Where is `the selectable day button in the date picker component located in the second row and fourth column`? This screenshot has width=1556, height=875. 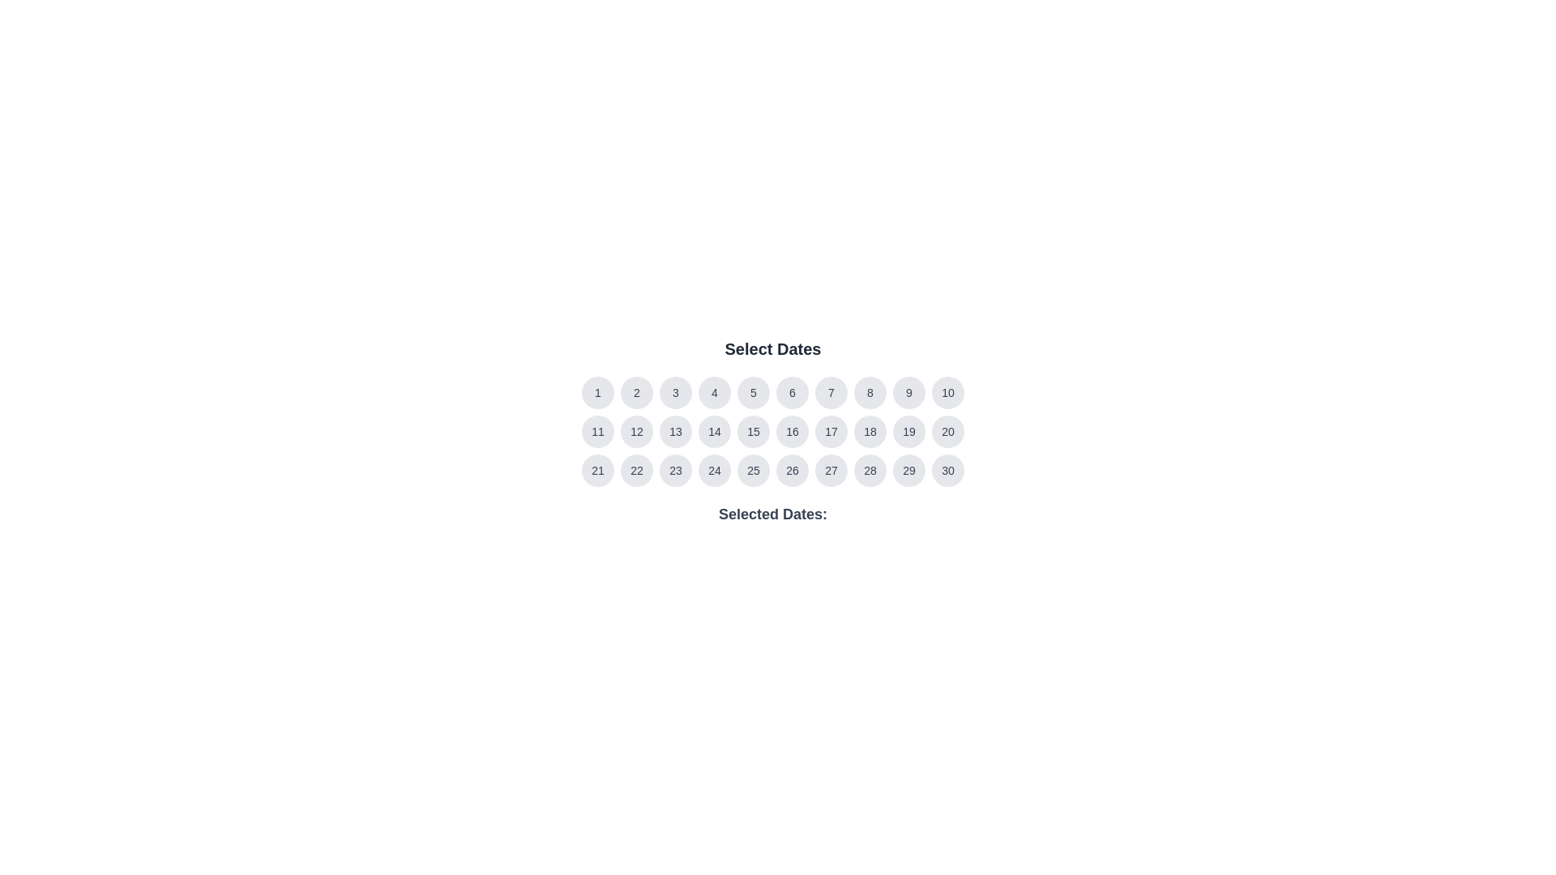
the selectable day button in the date picker component located in the second row and fourth column is located at coordinates (714, 430).